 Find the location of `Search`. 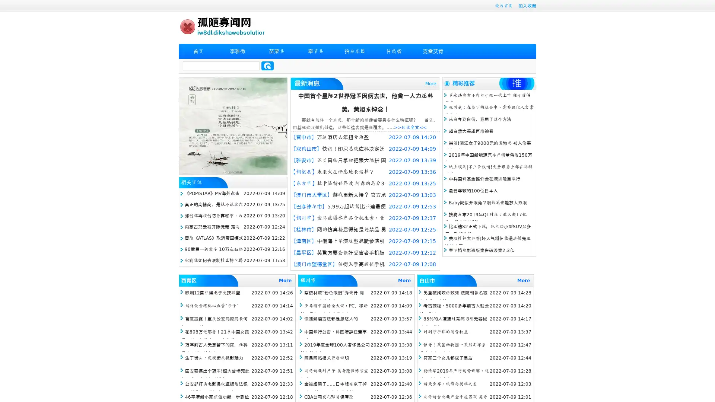

Search is located at coordinates (267, 66).